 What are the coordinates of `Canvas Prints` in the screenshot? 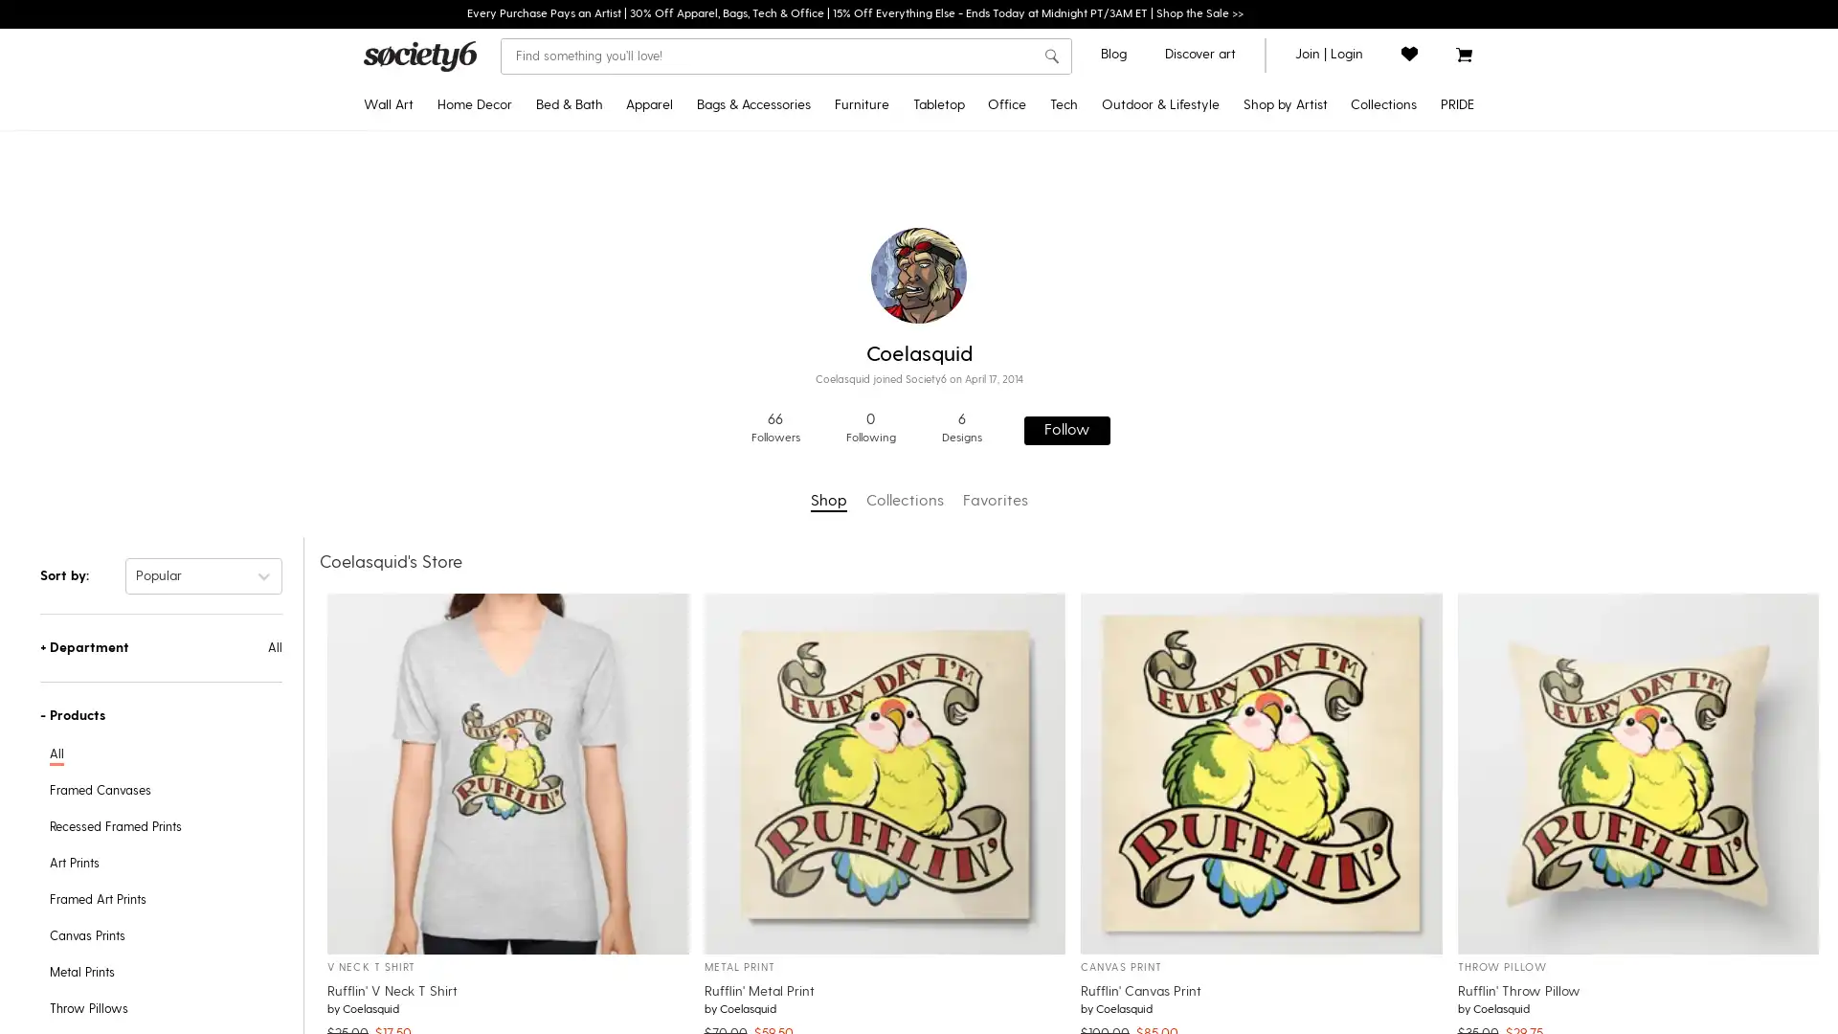 It's located at (450, 245).